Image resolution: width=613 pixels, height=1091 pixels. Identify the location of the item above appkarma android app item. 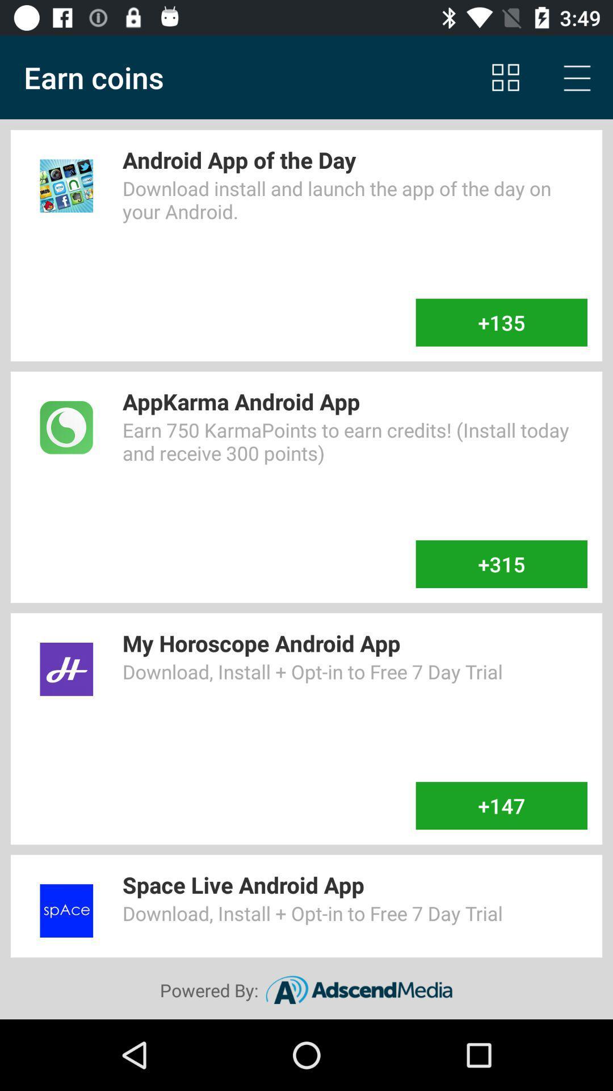
(501, 322).